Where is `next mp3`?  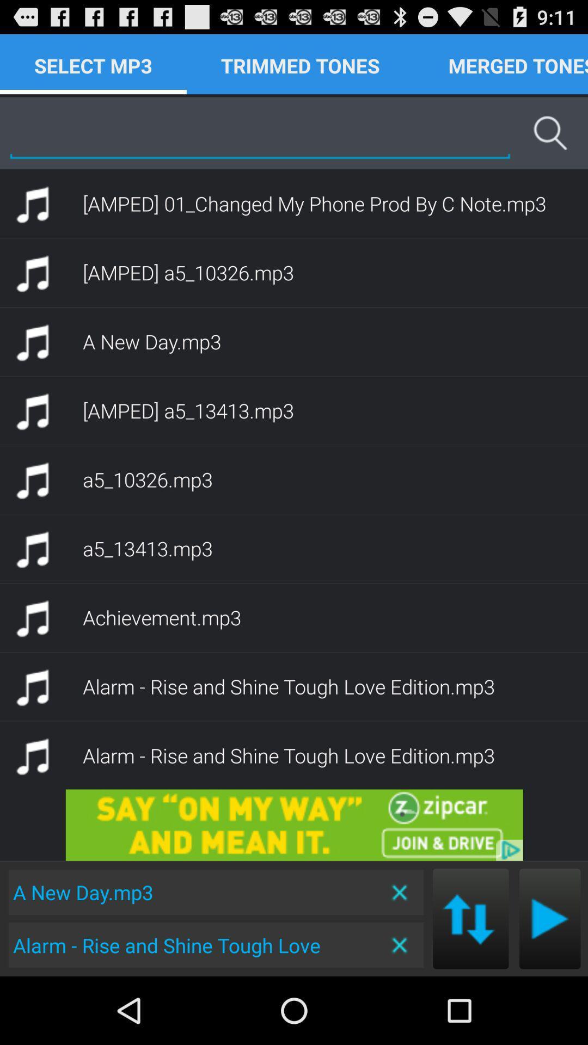 next mp3 is located at coordinates (470, 918).